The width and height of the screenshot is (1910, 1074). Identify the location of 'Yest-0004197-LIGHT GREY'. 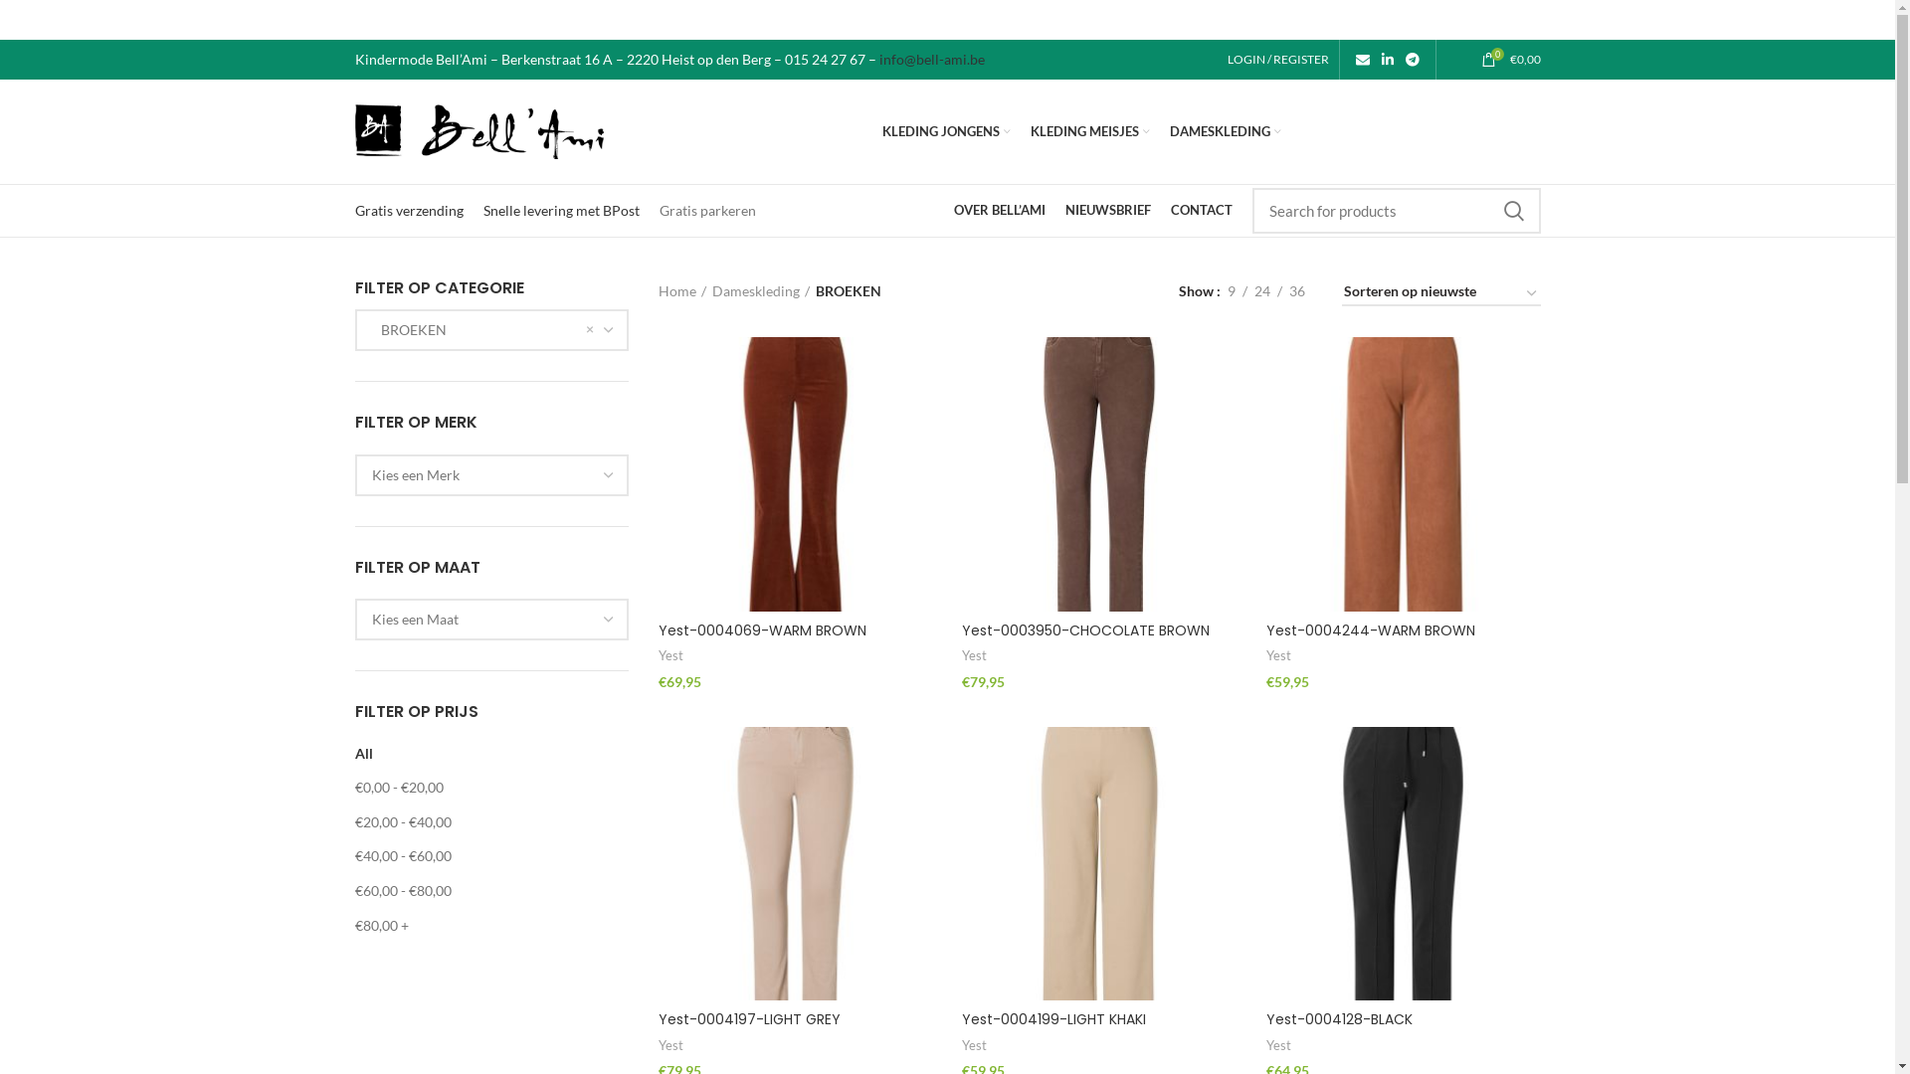
(748, 1019).